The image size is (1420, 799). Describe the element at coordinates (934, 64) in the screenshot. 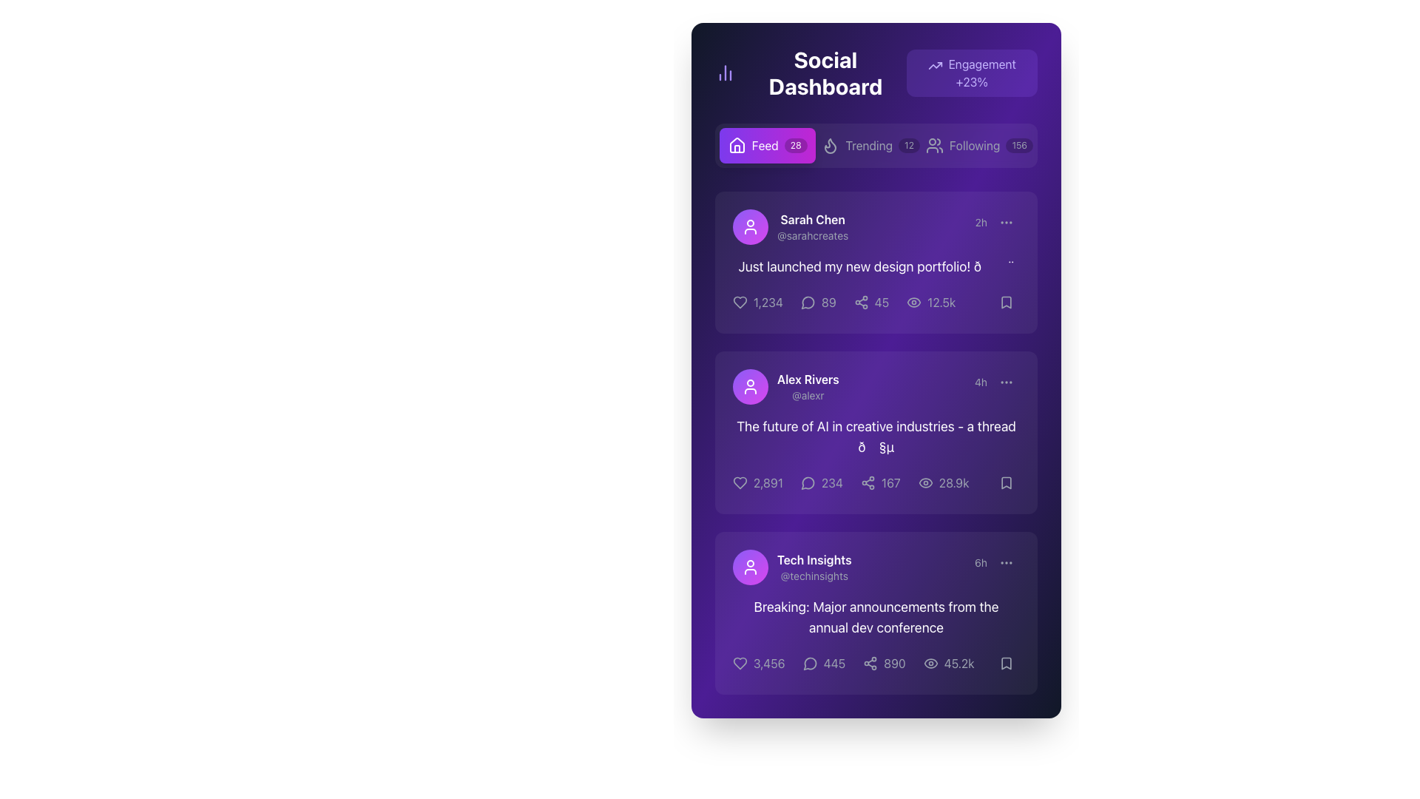

I see `the upward-trending arrow icon at the top-right corner of the view` at that location.